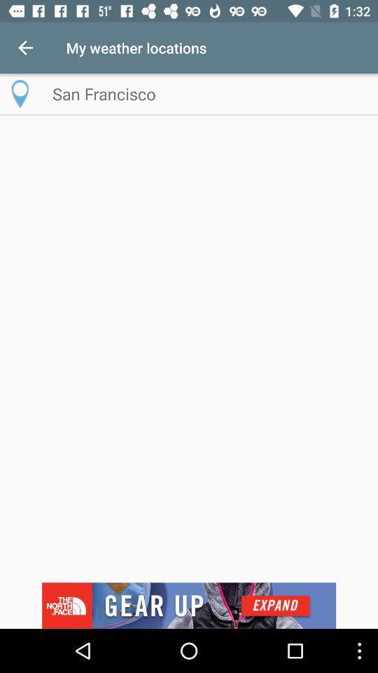  Describe the element at coordinates (189, 605) in the screenshot. I see `the advertisement` at that location.